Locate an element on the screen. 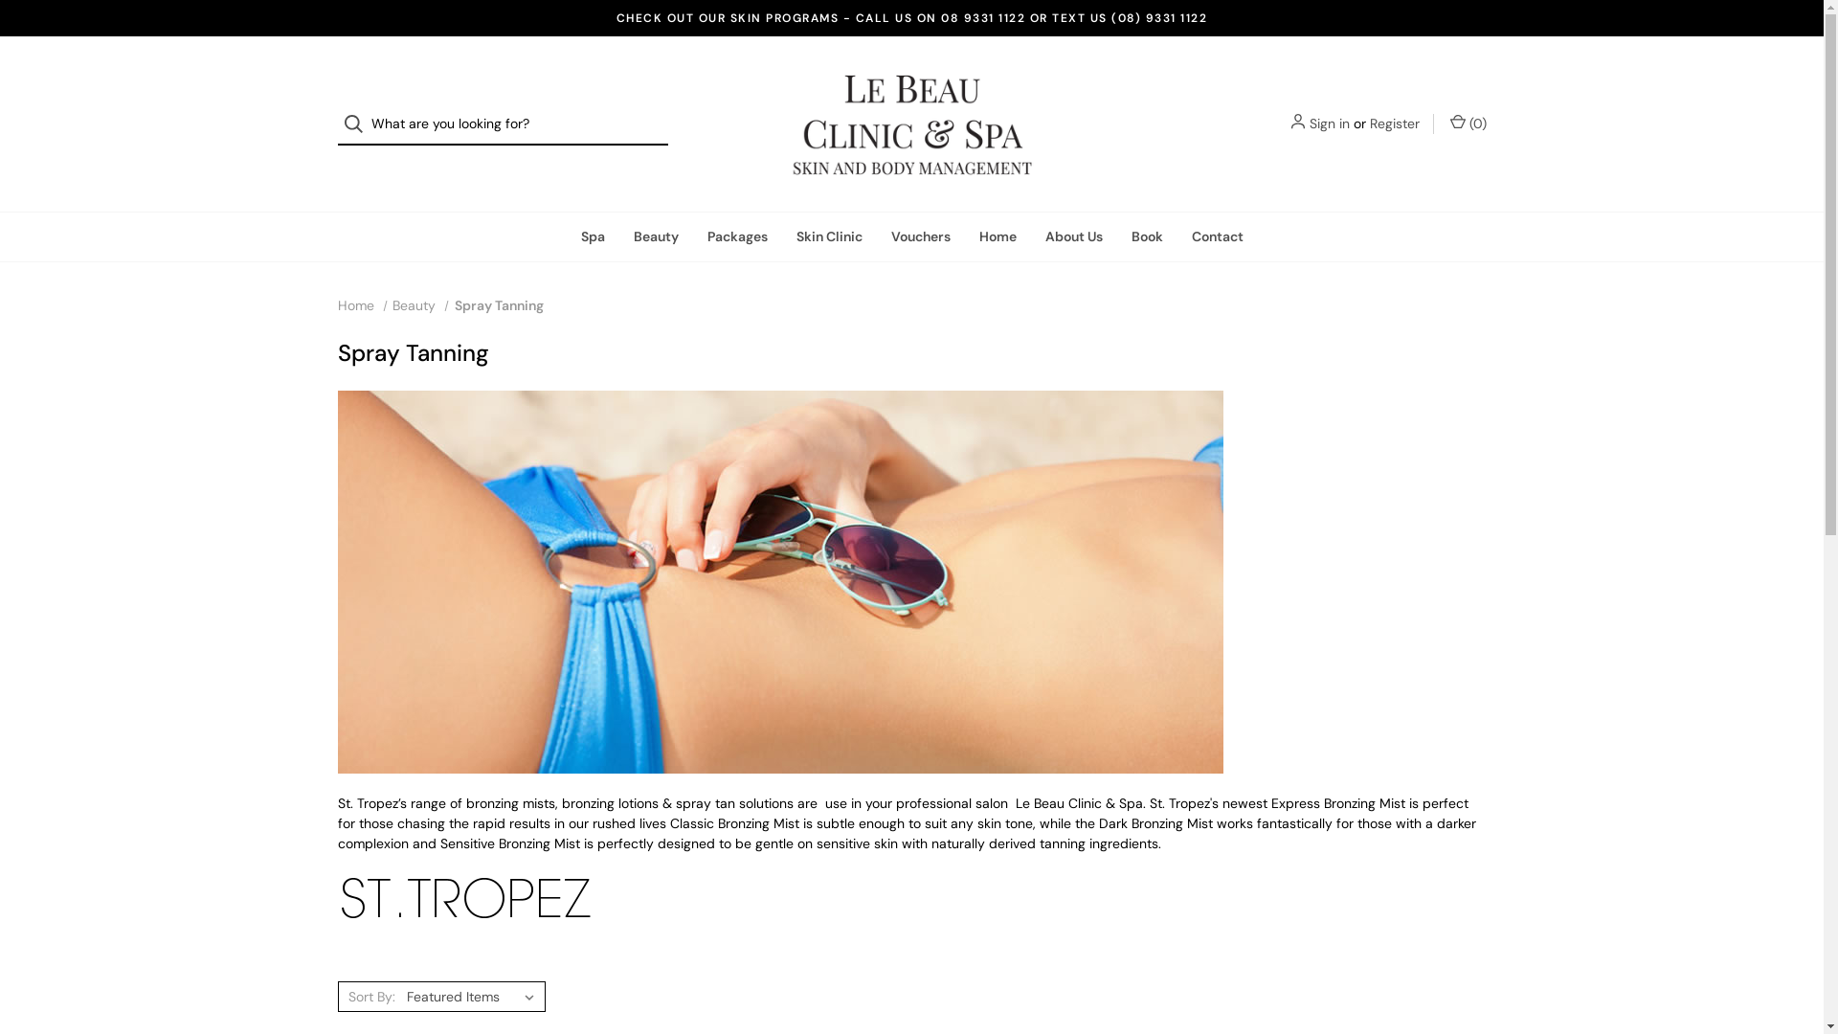 Image resolution: width=1838 pixels, height=1034 pixels. 'Home' is located at coordinates (997, 236).